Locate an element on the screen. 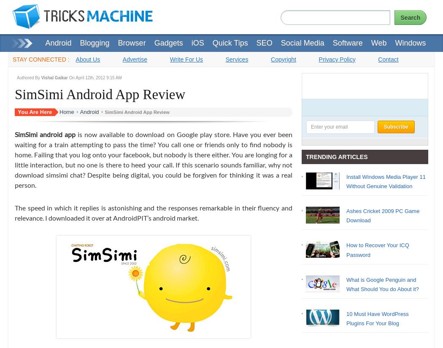  'Android' is located at coordinates (79, 111).